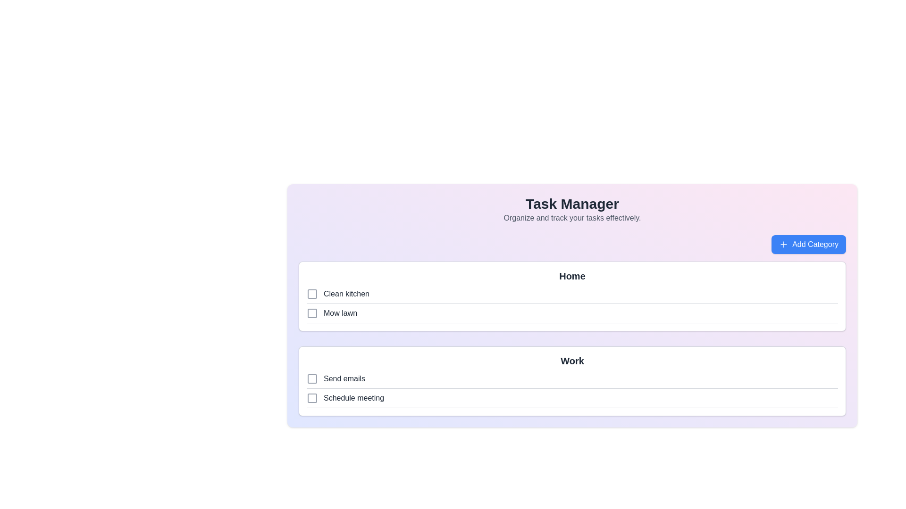 The image size is (906, 509). Describe the element at coordinates (572, 276) in the screenshot. I see `the text element that labels the section containing tasks related to the 'Home' category, located at the top of a white, rounded, rectangular box` at that location.